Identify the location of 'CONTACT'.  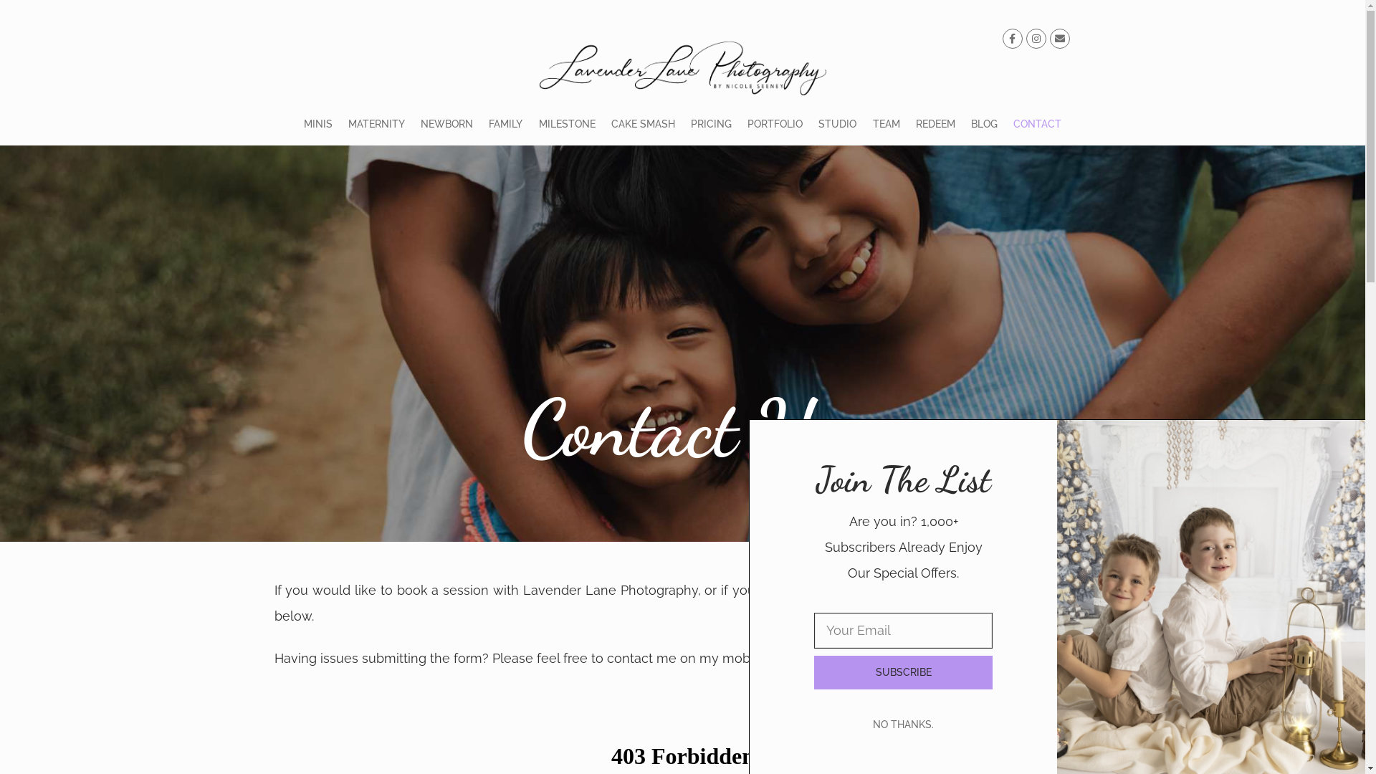
(1004, 123).